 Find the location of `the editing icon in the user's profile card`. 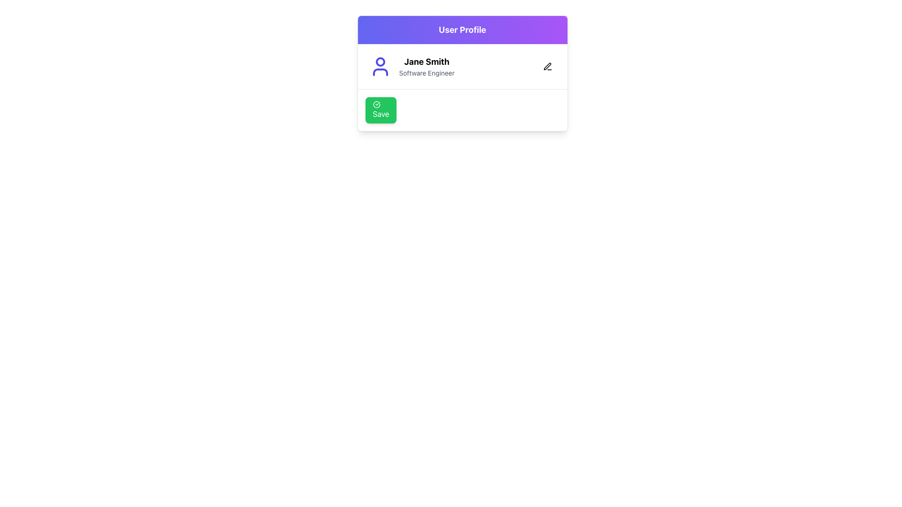

the editing icon in the user's profile card is located at coordinates (547, 66).